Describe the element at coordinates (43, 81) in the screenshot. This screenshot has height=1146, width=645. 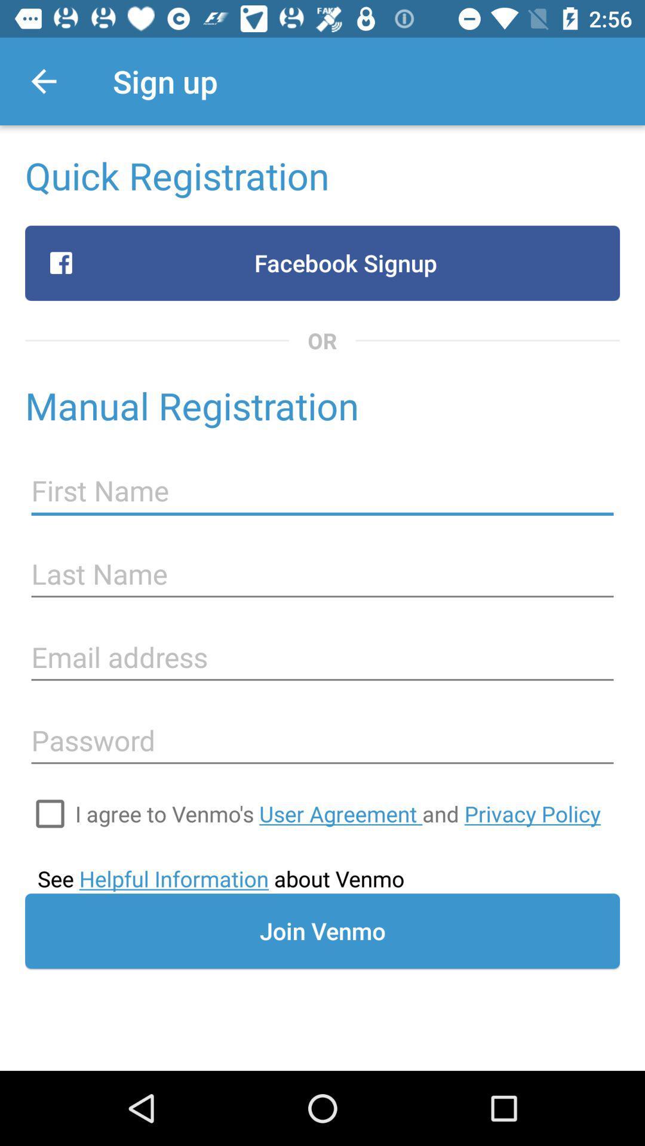
I see `the item next to sign up app` at that location.